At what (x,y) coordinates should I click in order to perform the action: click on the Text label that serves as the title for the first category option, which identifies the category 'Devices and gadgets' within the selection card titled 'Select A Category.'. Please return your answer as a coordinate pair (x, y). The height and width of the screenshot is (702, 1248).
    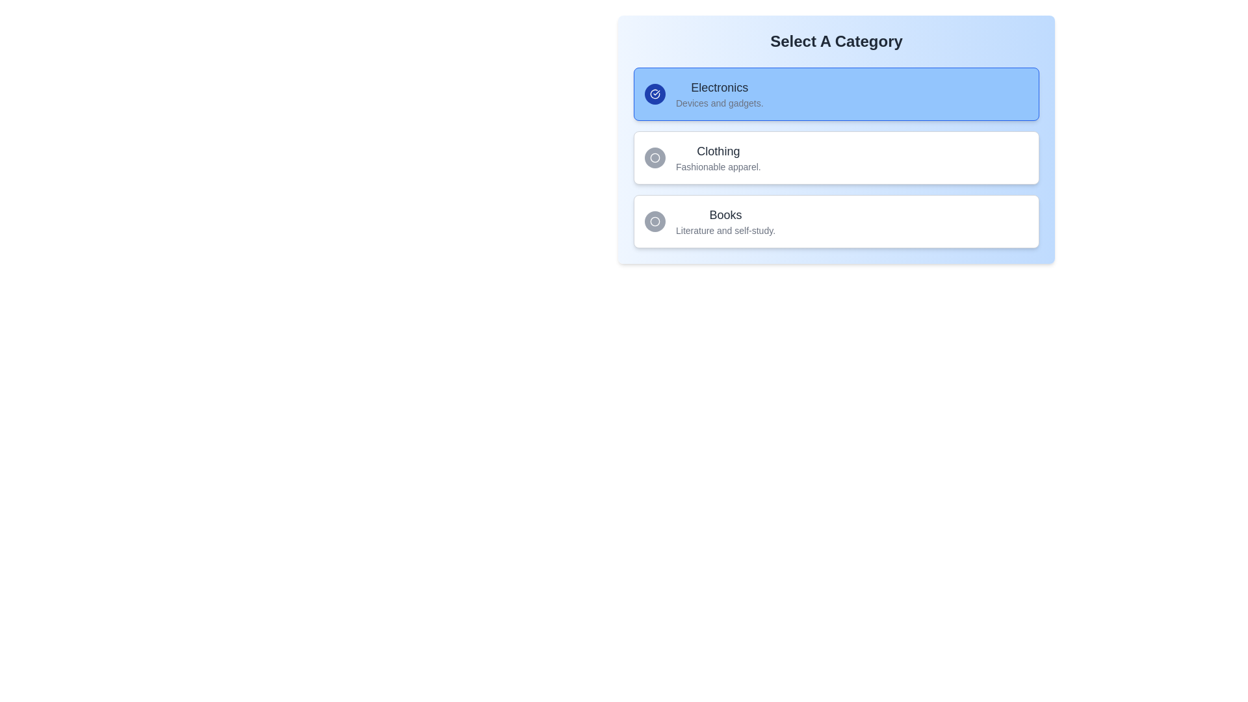
    Looking at the image, I should click on (719, 88).